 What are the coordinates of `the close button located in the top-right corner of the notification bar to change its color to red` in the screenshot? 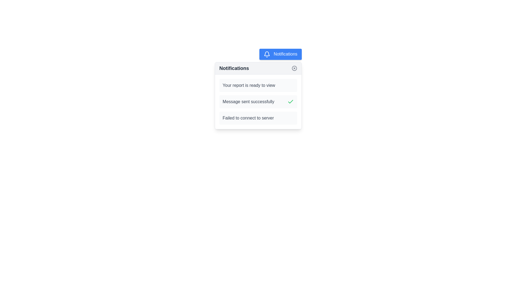 It's located at (294, 68).